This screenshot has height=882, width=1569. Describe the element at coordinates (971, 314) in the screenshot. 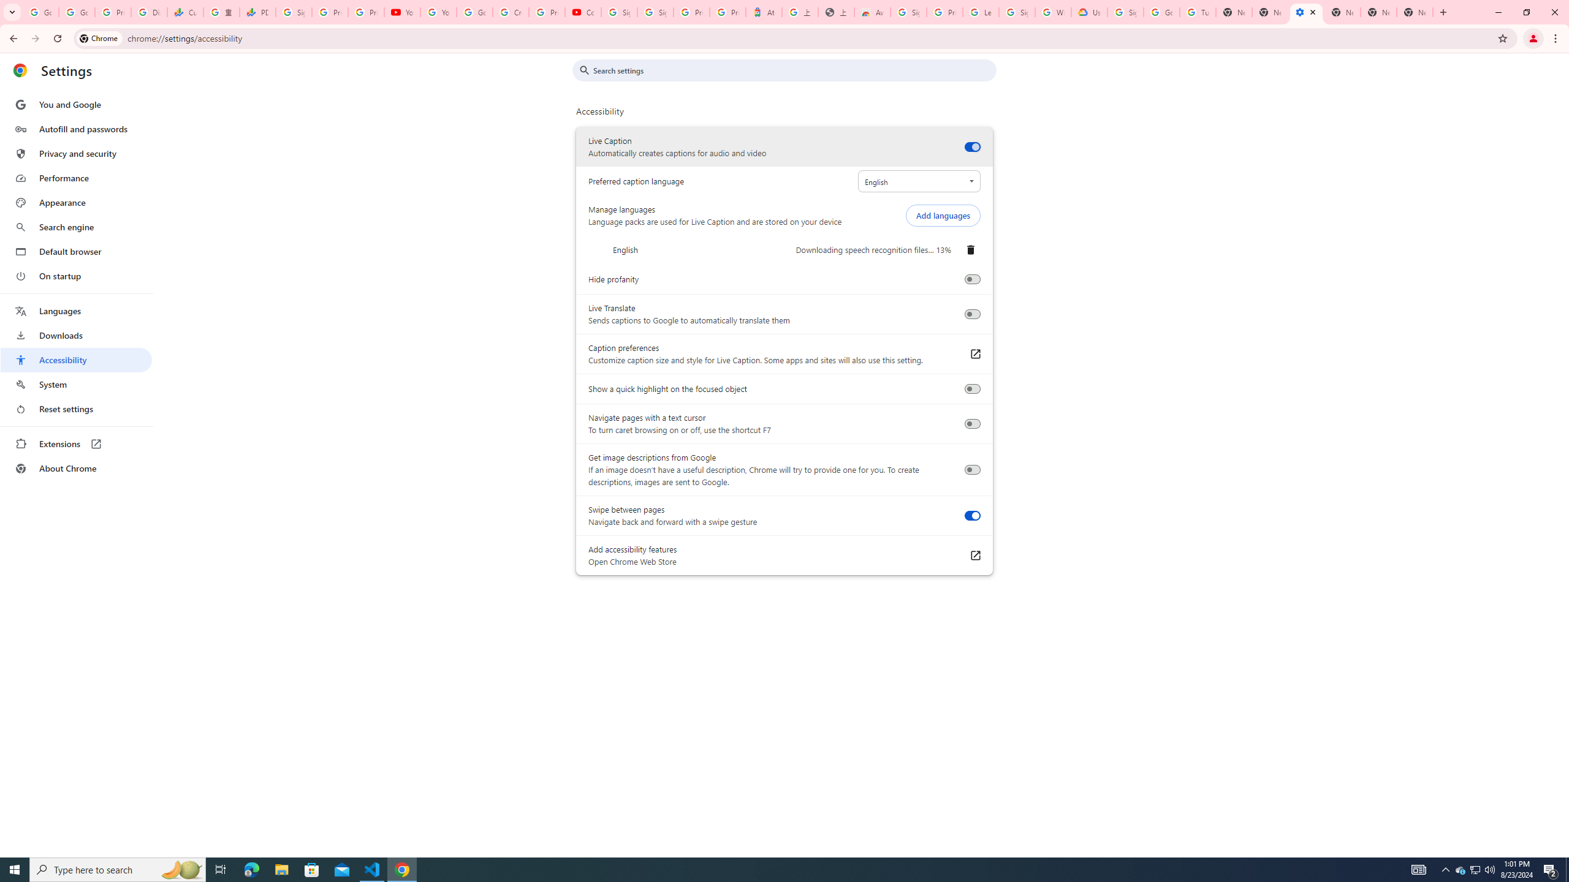

I see `'Live Translate'` at that location.